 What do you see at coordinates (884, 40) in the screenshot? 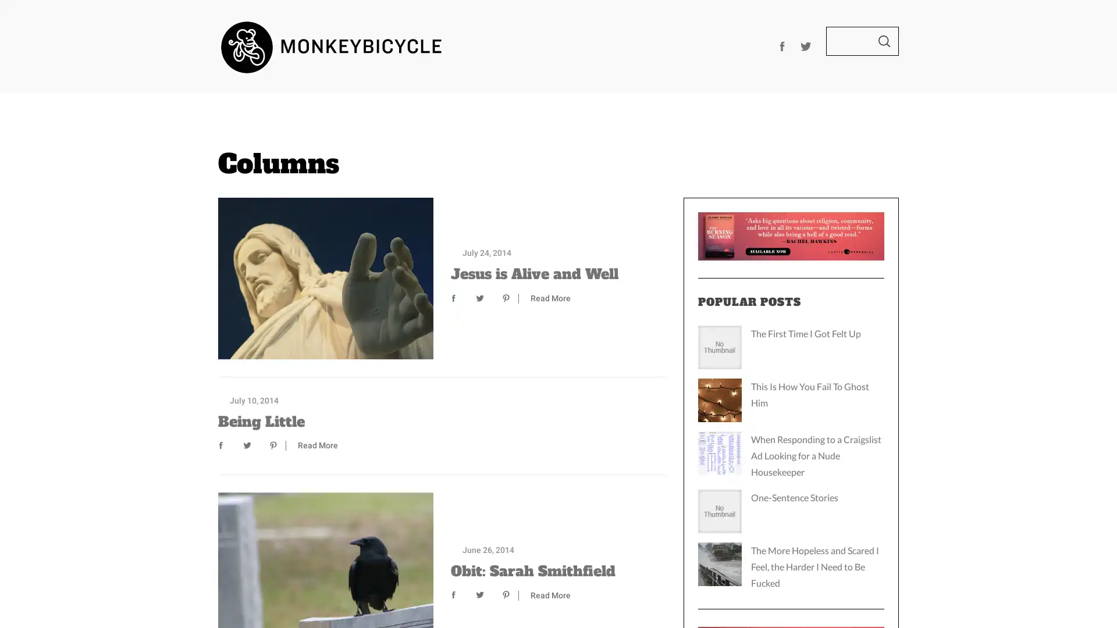
I see `SEARCH` at bounding box center [884, 40].